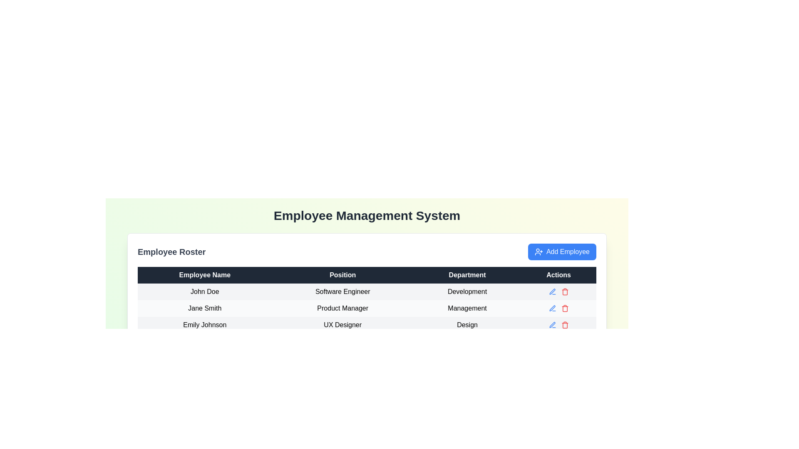 Image resolution: width=799 pixels, height=449 pixels. I want to click on the 'Add Employee' button, which has a blue background and white text, located at the top-right of the 'Employee Roster' section, so click(562, 251).